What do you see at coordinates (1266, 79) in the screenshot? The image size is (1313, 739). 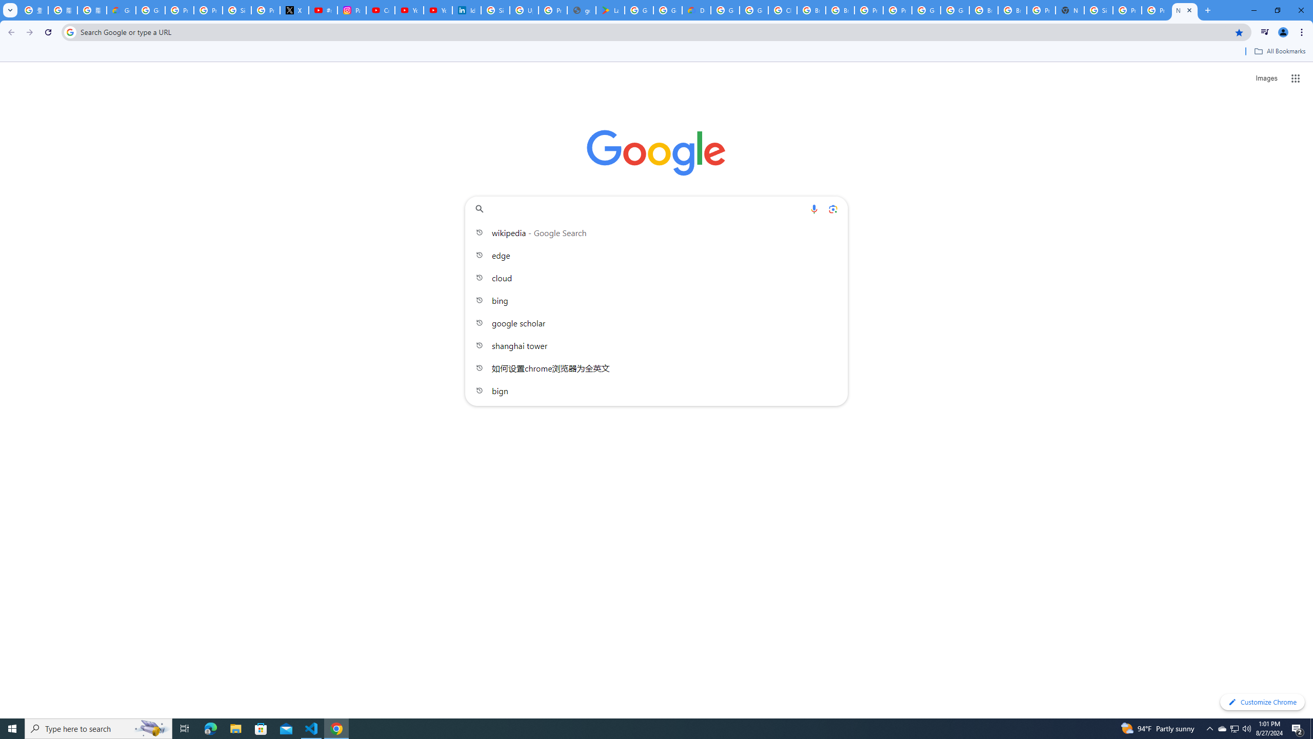 I see `'Search for Images '` at bounding box center [1266, 79].